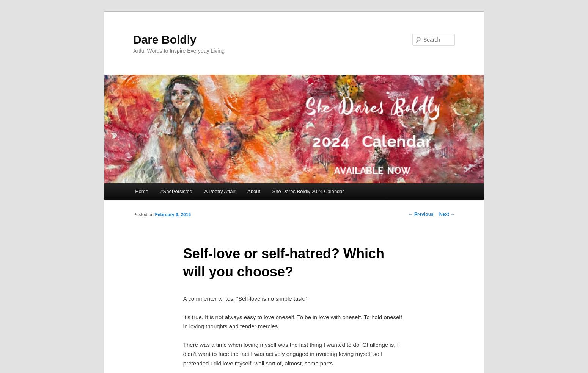 The height and width of the screenshot is (373, 588). I want to click on 'Dare Boldly', so click(133, 39).